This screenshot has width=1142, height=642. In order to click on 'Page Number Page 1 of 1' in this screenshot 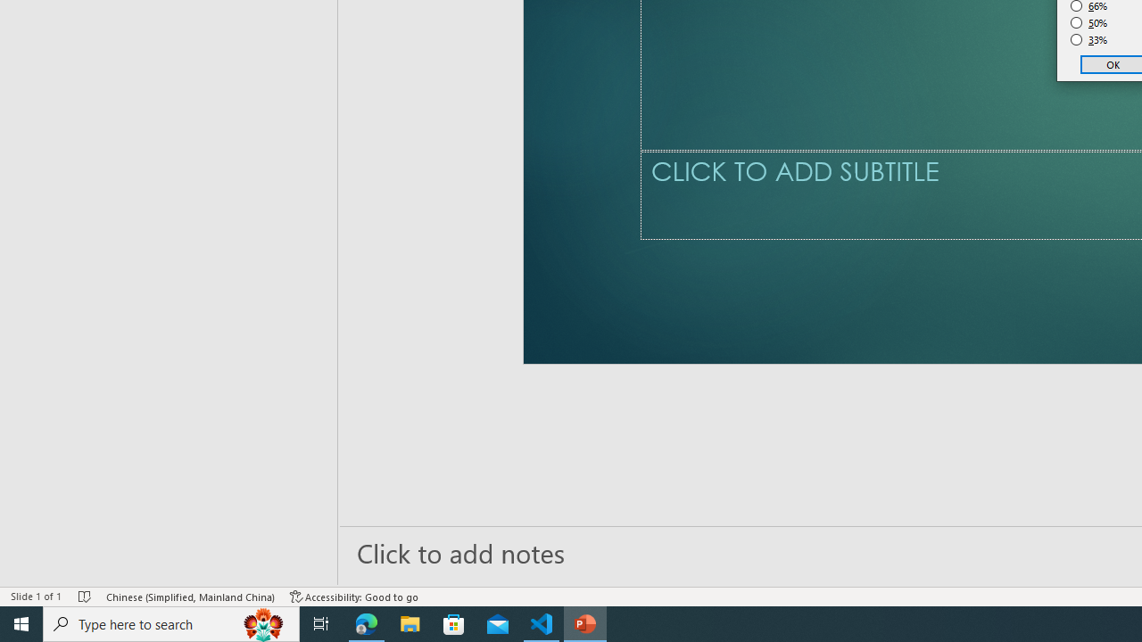, I will do `click(49, 571)`.